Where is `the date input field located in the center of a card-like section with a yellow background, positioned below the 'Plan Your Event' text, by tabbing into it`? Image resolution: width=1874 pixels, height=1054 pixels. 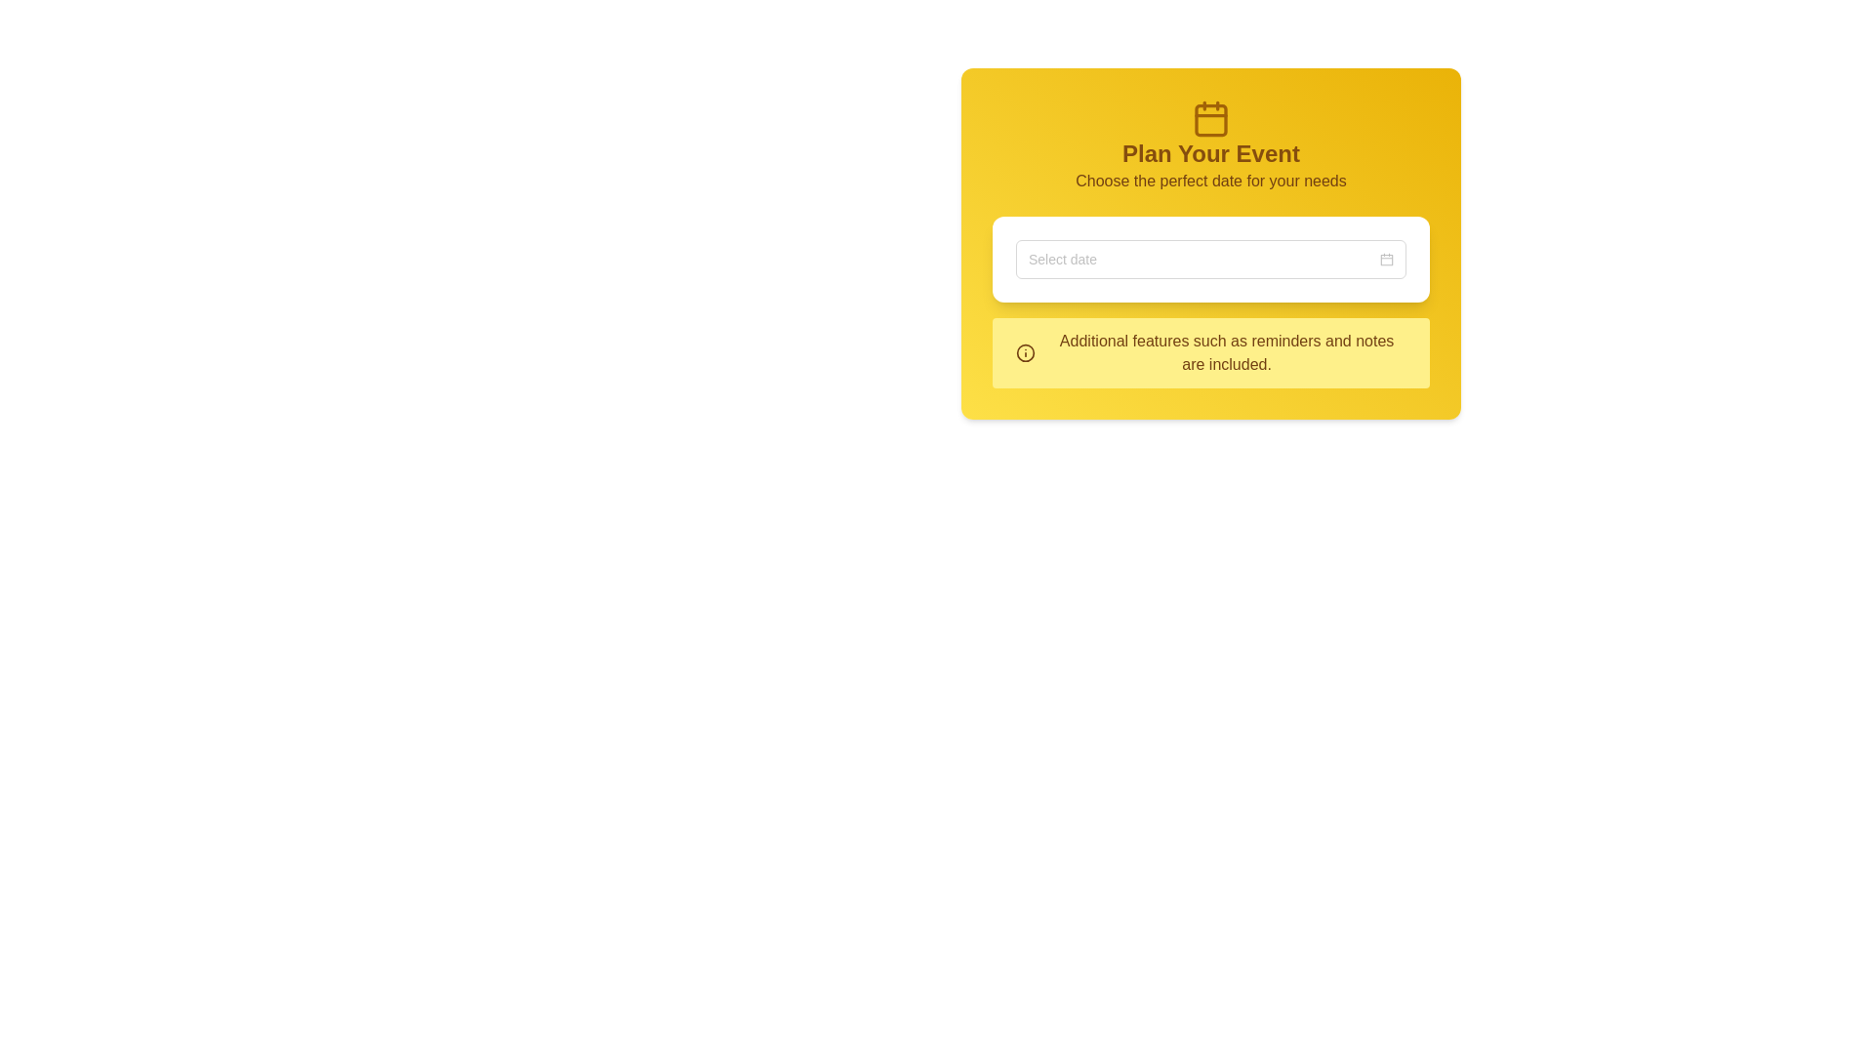
the date input field located in the center of a card-like section with a yellow background, positioned below the 'Plan Your Event' text, by tabbing into it is located at coordinates (1210, 259).